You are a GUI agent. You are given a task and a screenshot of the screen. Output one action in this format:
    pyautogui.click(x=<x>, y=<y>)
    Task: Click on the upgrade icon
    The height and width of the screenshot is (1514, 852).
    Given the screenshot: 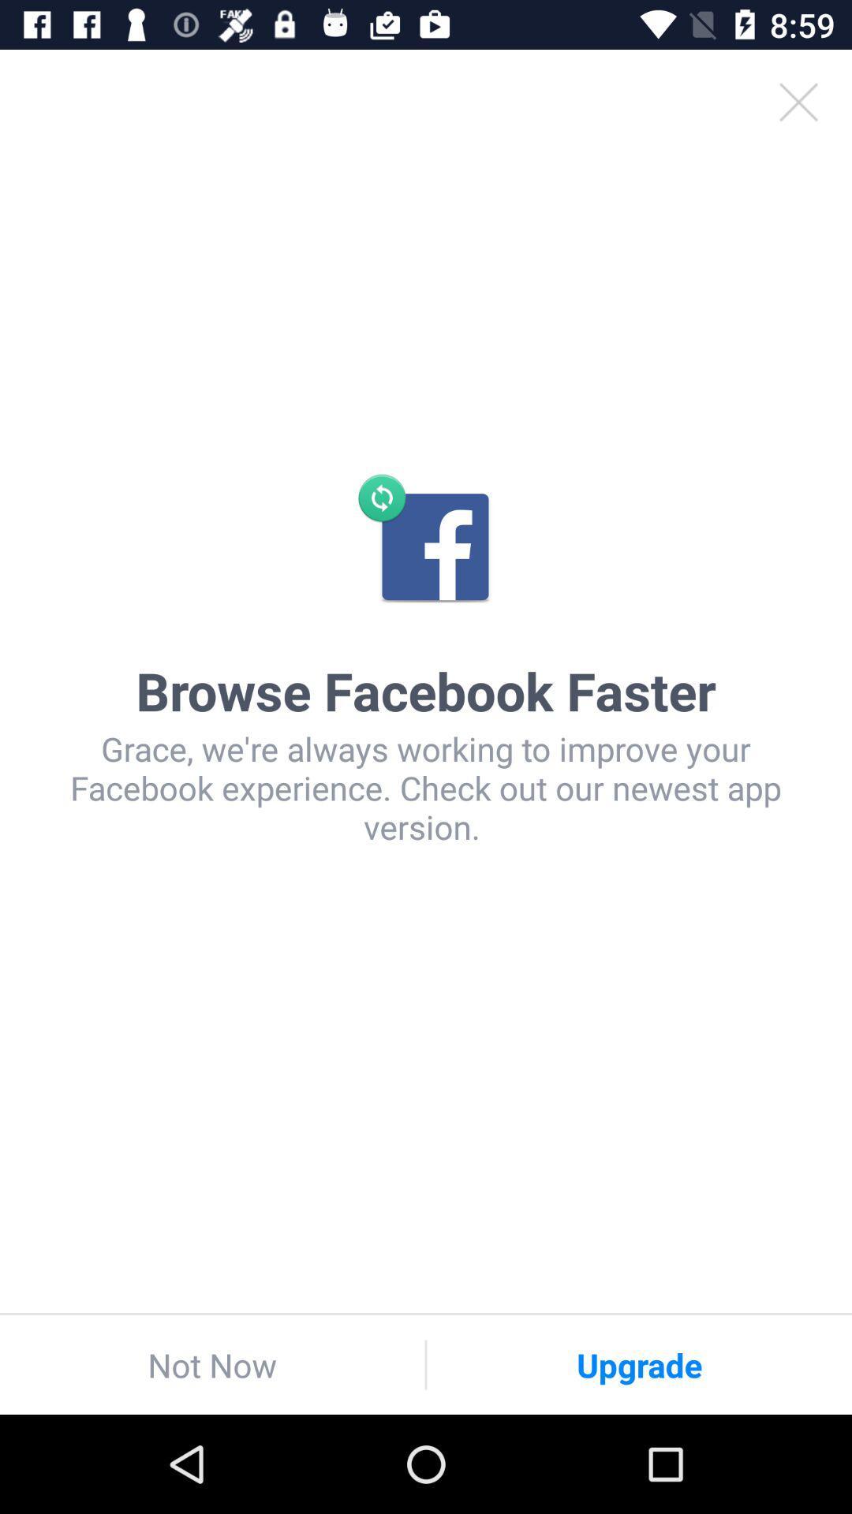 What is the action you would take?
    pyautogui.click(x=639, y=1364)
    